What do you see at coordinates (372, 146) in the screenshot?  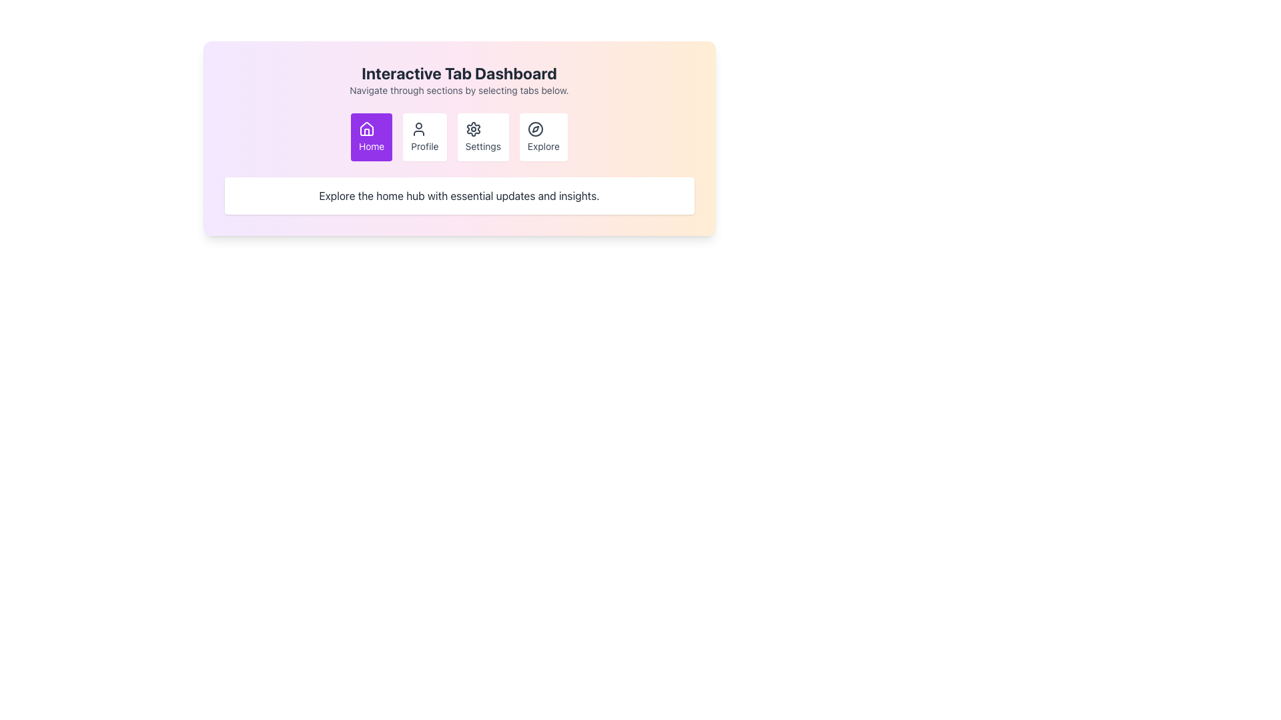 I see `the text label located beneath the house icon in the purple 'Home' button` at bounding box center [372, 146].